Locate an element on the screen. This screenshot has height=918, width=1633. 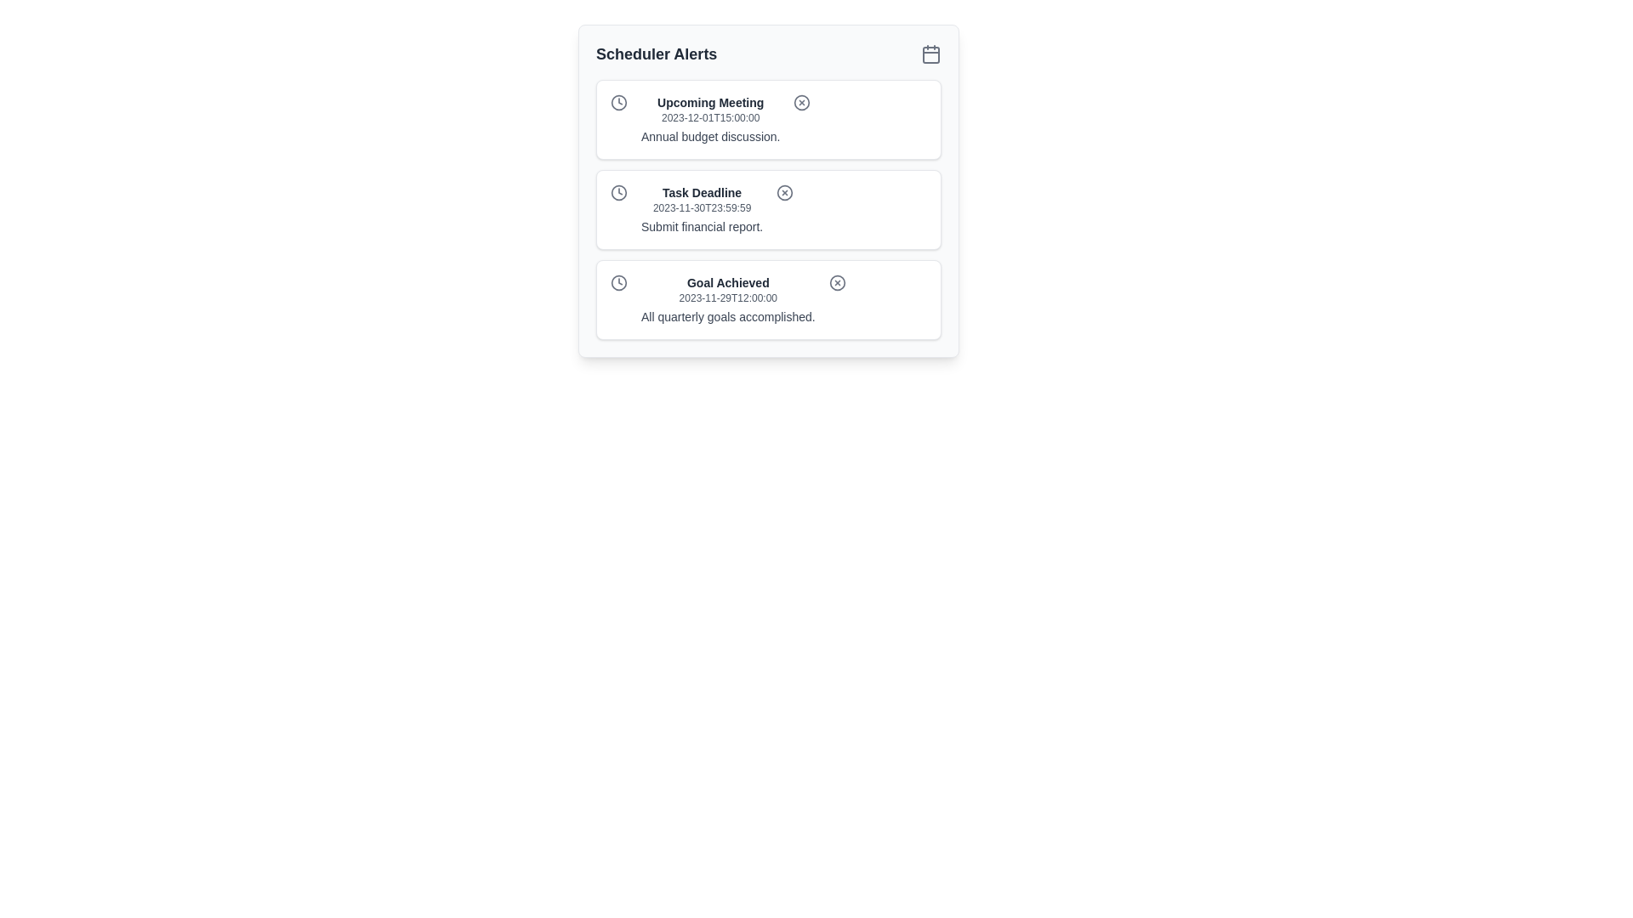
the outer circular border of the clock icon, which visually indicates time-related information in the 'Scheduler Alerts' panel, located to the left of the 'Task Deadline' text is located at coordinates (618, 192).